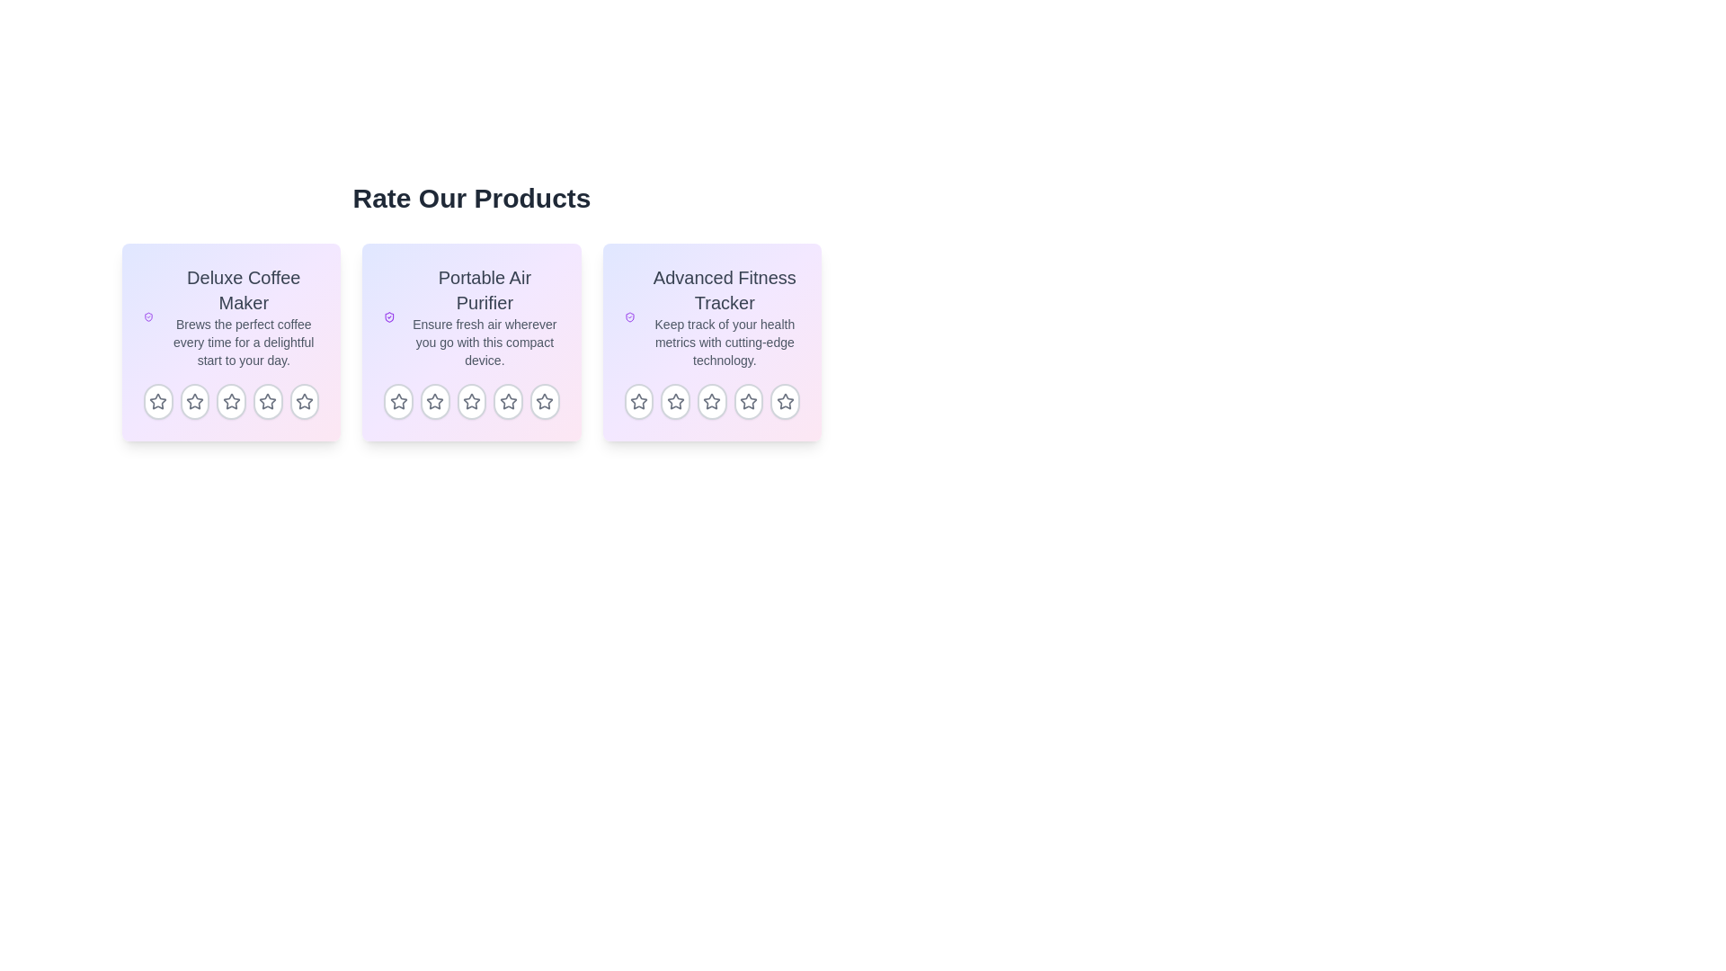 This screenshot has width=1726, height=971. Describe the element at coordinates (749, 400) in the screenshot. I see `the fourth star icon in the rating system for the 'Advanced Fitness Tracker'` at that location.